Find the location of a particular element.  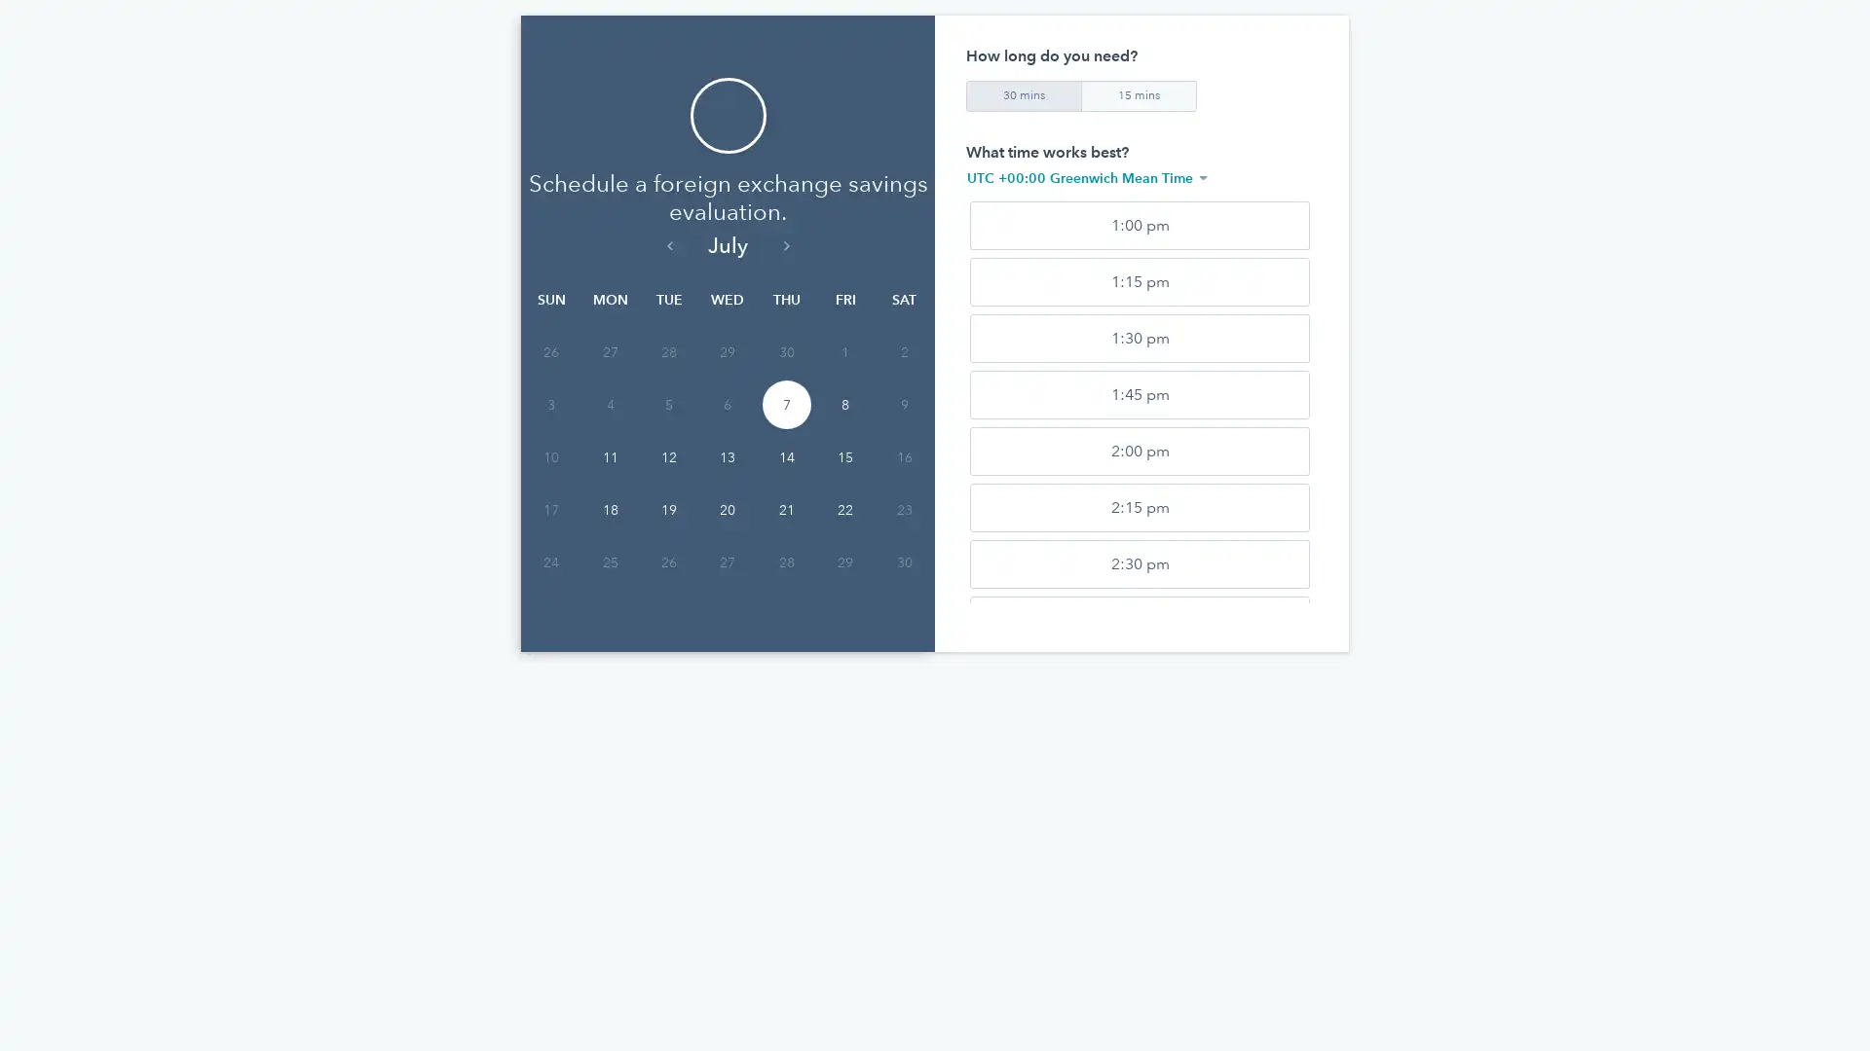

July 12th is located at coordinates (668, 457).